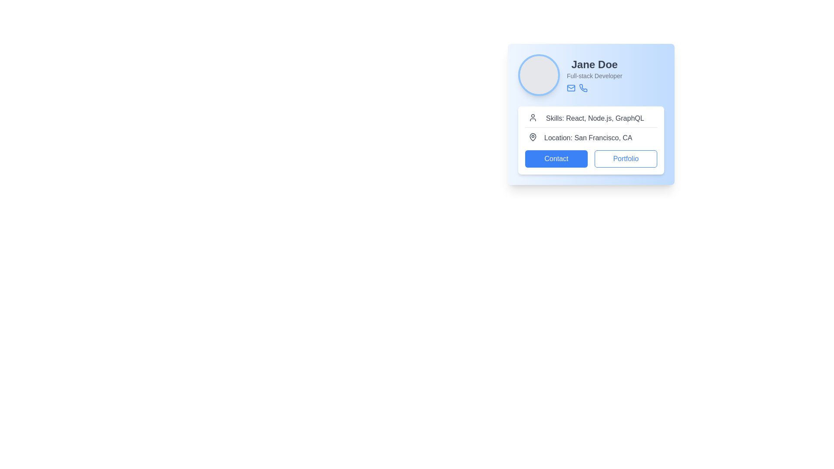 Image resolution: width=834 pixels, height=469 pixels. Describe the element at coordinates (583, 88) in the screenshot. I see `the blue phone icon located in the top right area of the profile card, distinct due to its modern outline style and recognizable shape` at that location.